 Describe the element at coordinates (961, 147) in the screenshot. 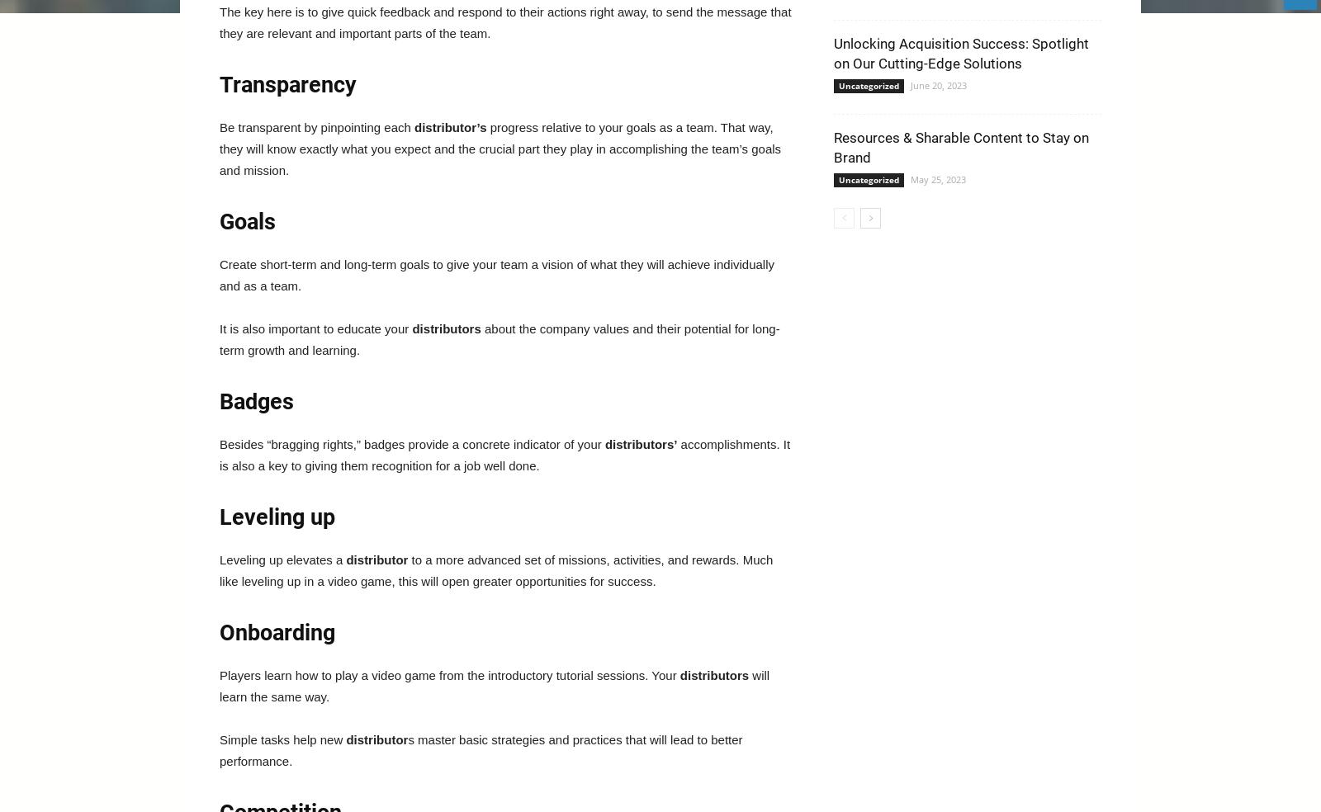

I see `'Resources & Sharable Content to Stay on Brand'` at that location.